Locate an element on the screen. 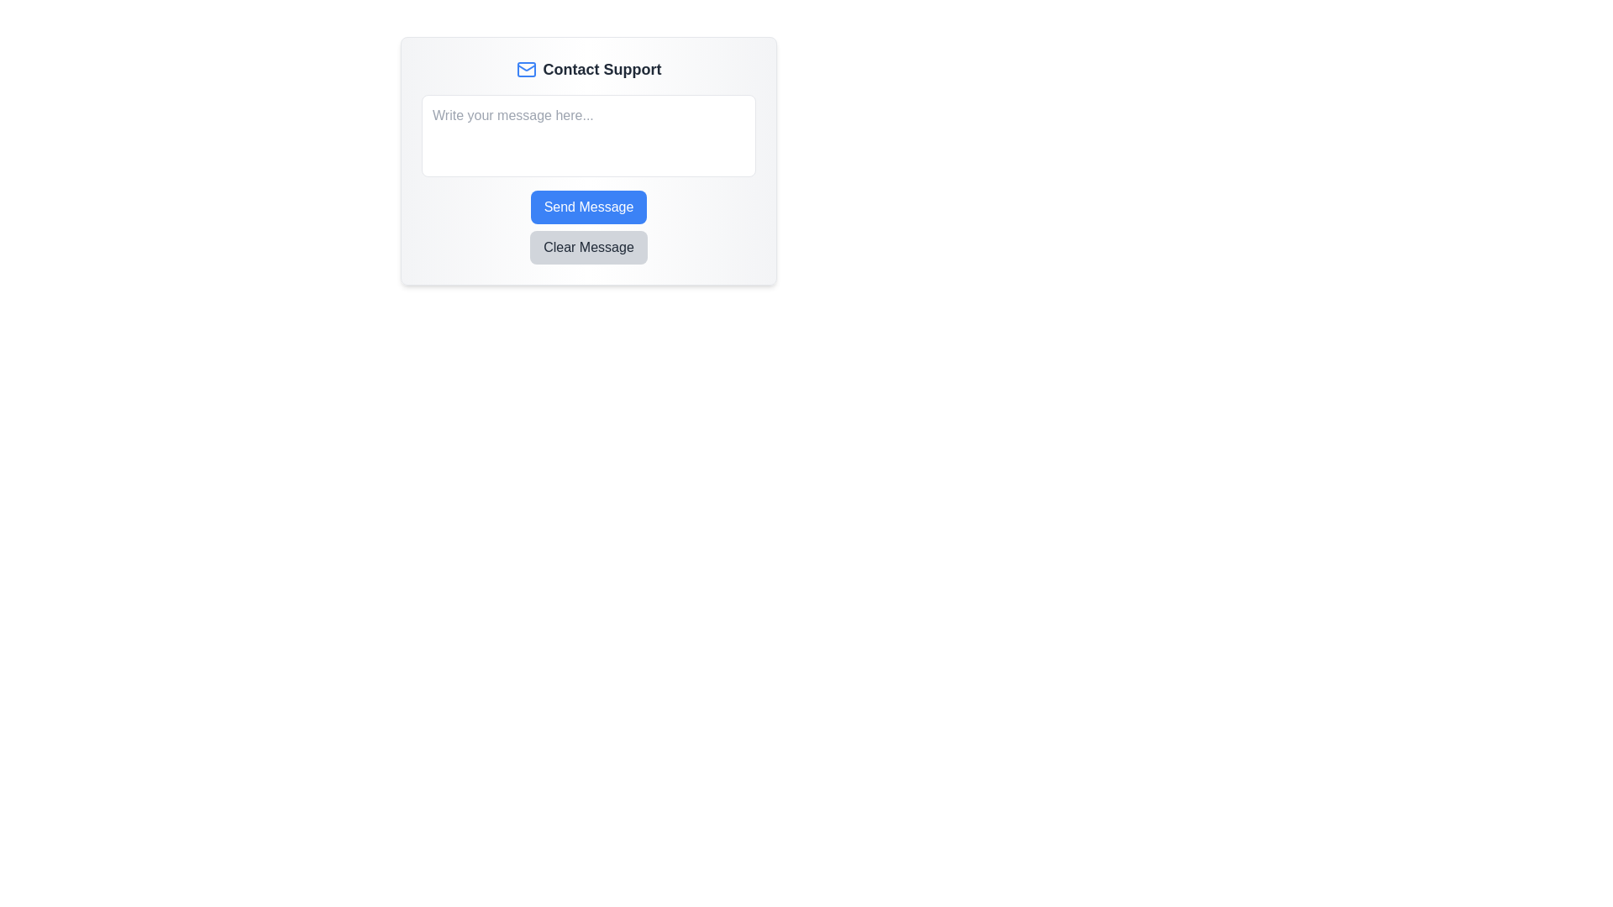 Image resolution: width=1613 pixels, height=907 pixels. the 'Send Message' button located in the middle section of the 'Contact Support' form to view the focus ring effect is located at coordinates (588, 206).